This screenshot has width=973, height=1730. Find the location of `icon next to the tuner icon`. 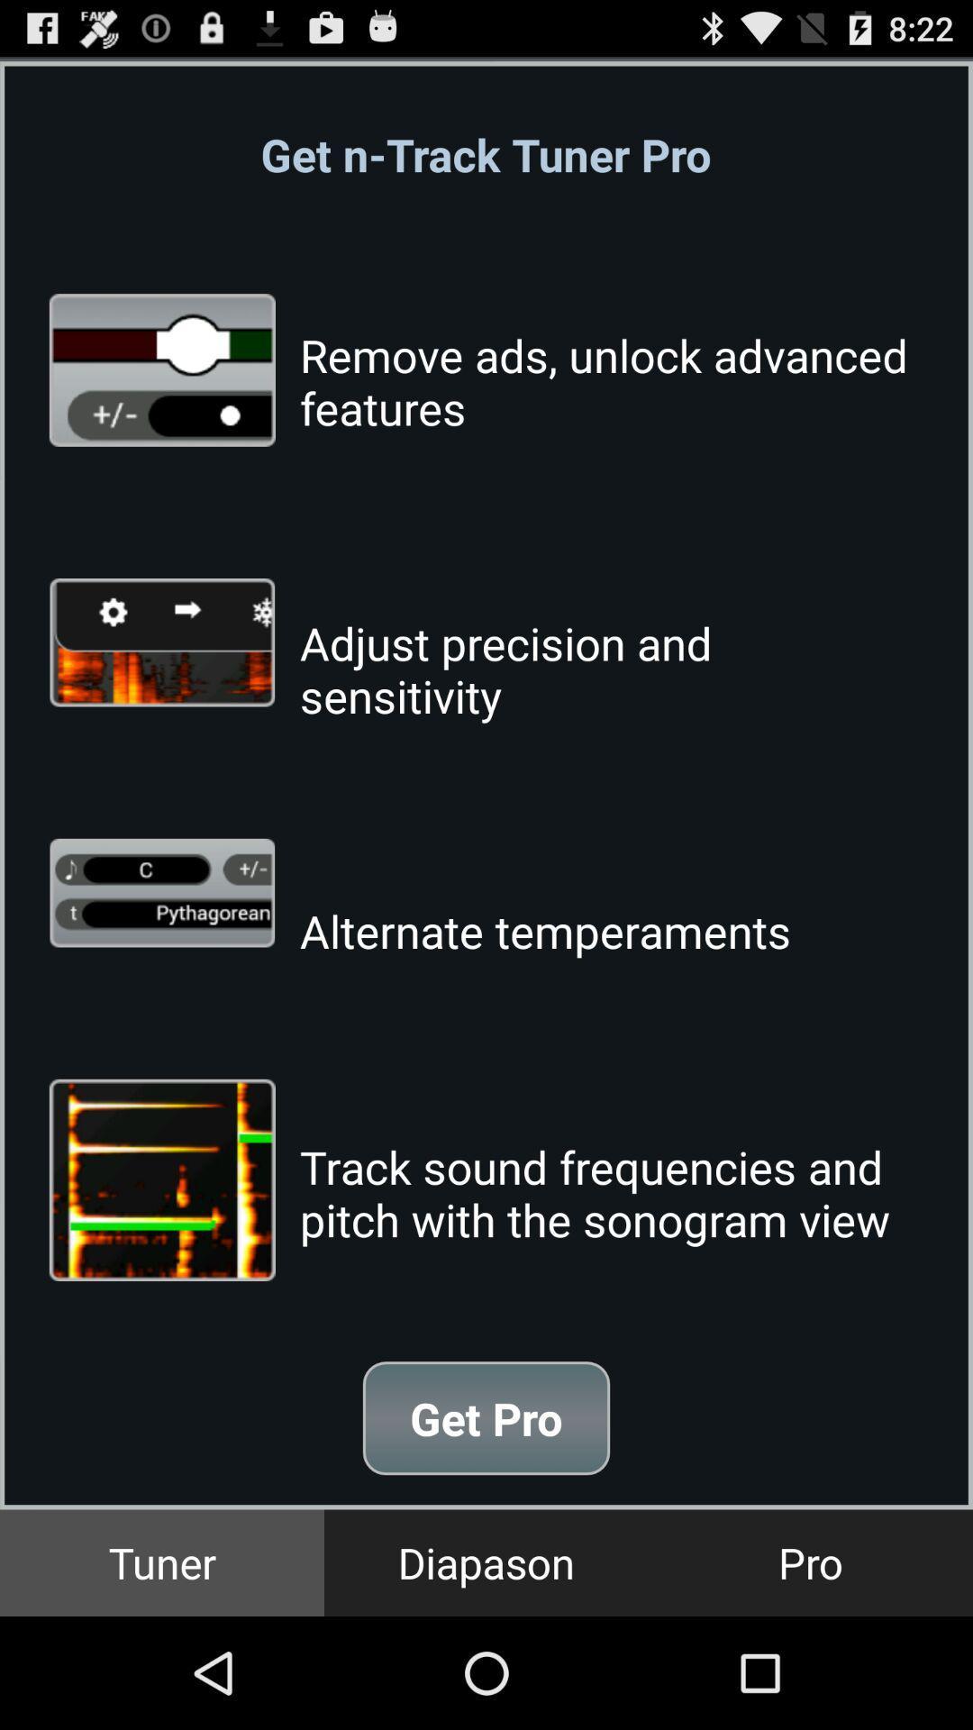

icon next to the tuner icon is located at coordinates (486, 1562).